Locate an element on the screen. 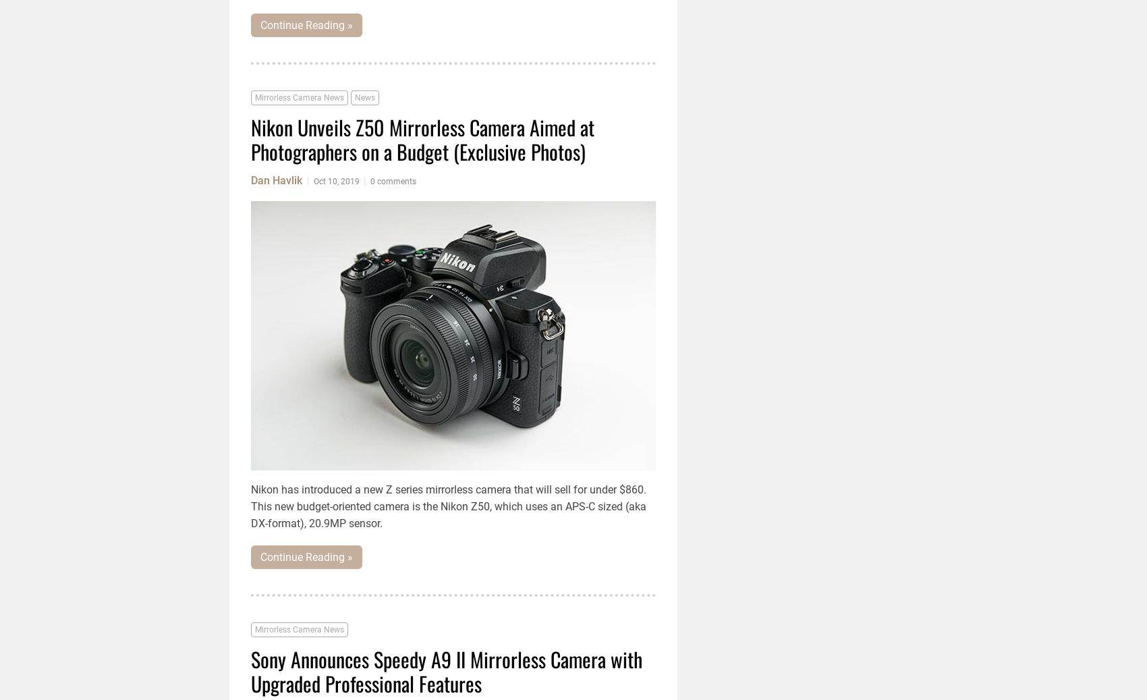  'Nikon Unveils Z50 Mirrorless Camera Aimed at Photographers on a Budget (Exclusive Photos)' is located at coordinates (422, 138).